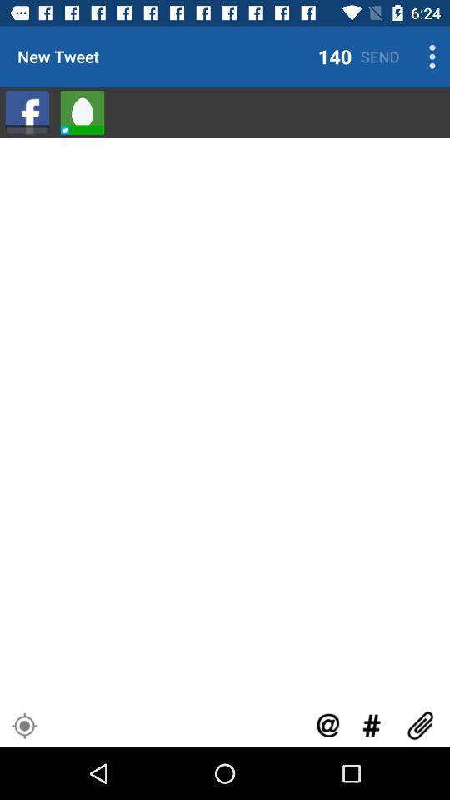 The height and width of the screenshot is (800, 450). Describe the element at coordinates (327, 724) in the screenshot. I see `the help icon` at that location.